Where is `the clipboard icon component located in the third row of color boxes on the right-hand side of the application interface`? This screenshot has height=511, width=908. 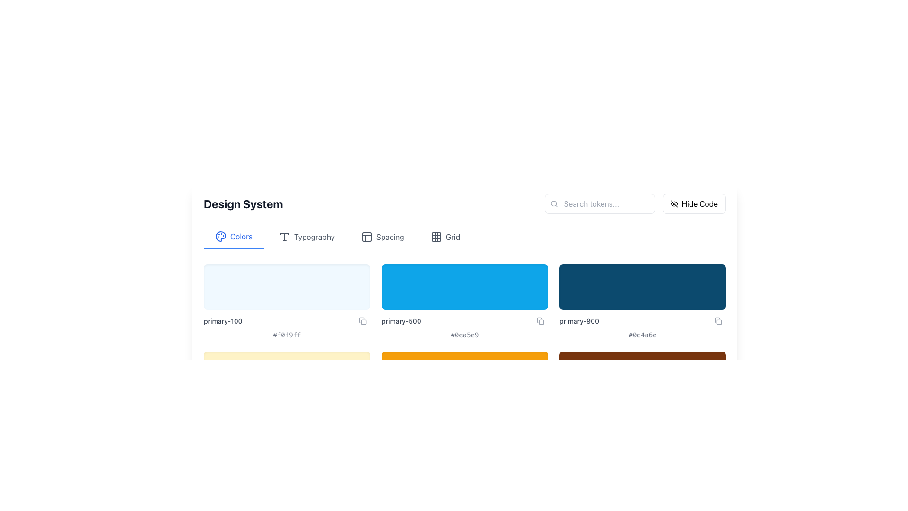
the clipboard icon component located in the third row of color boxes on the right-hand side of the application interface is located at coordinates (541, 322).